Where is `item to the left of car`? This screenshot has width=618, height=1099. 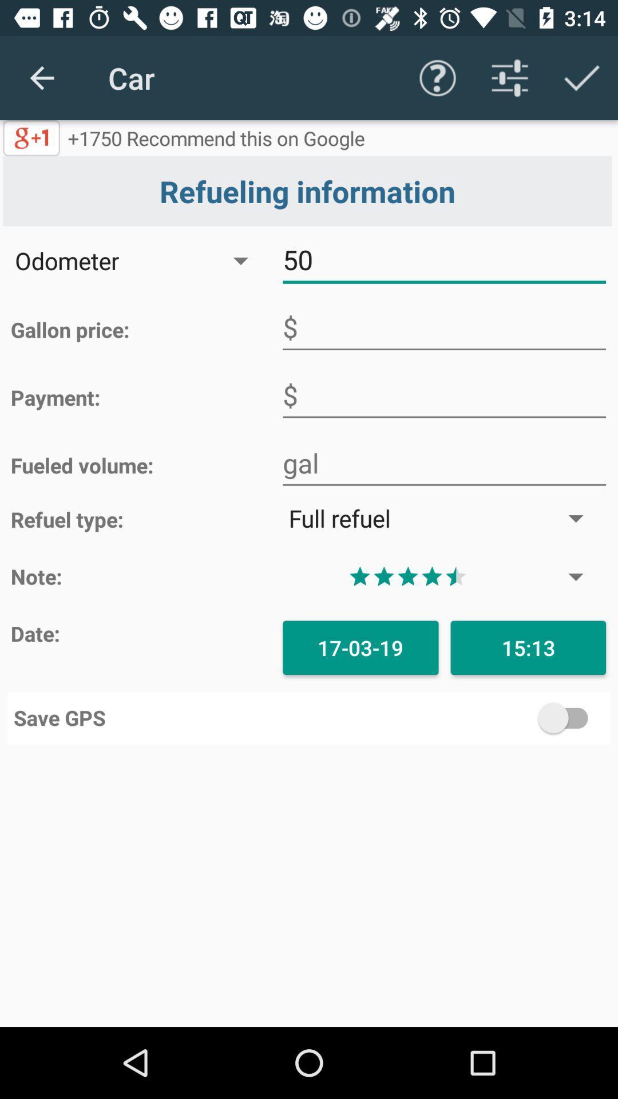
item to the left of car is located at coordinates (41, 77).